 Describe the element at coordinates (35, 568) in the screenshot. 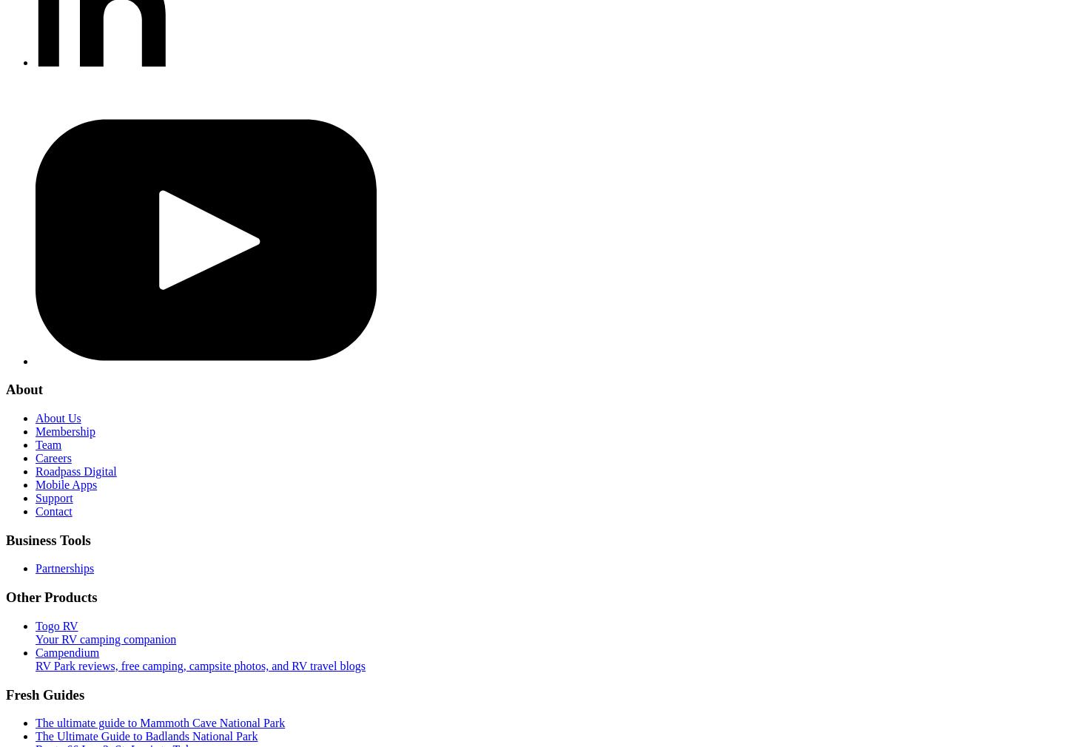

I see `'Partnerships'` at that location.